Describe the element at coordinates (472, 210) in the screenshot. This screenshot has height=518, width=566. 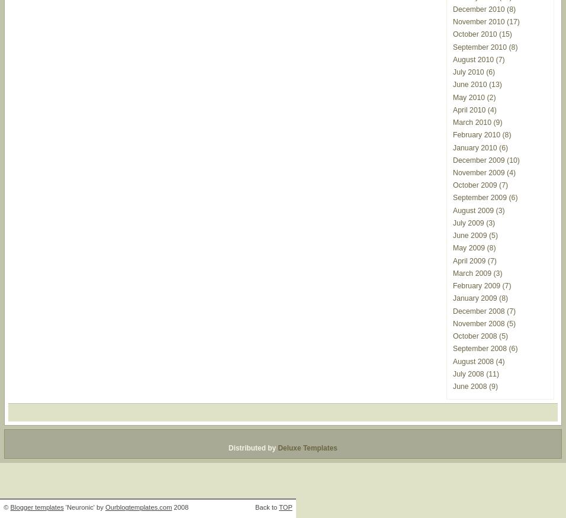
I see `'August 2009'` at that location.